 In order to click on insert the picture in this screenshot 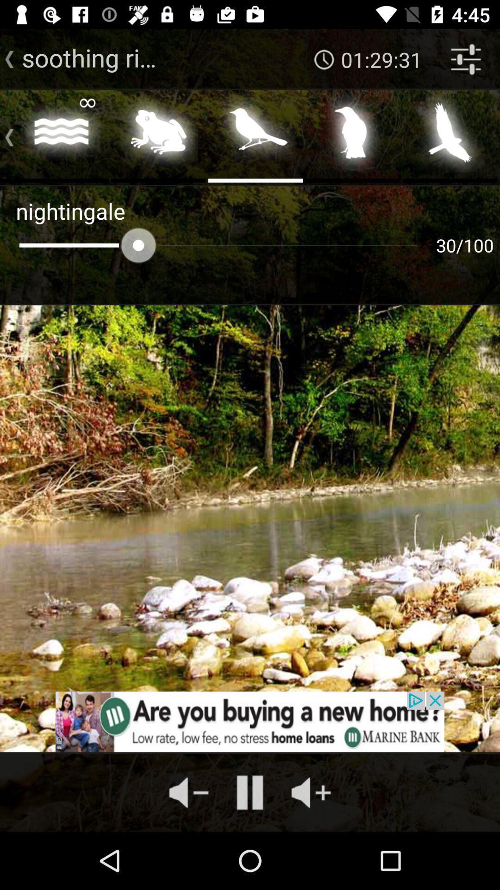, I will do `click(158, 135)`.